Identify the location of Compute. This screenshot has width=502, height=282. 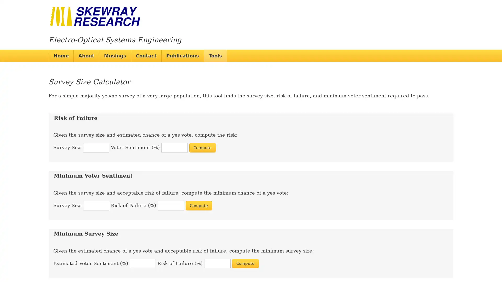
(198, 205).